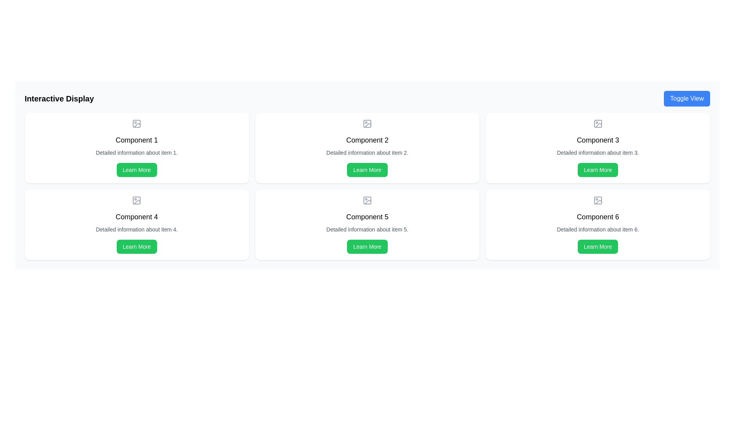 The image size is (752, 423). Describe the element at coordinates (597, 152) in the screenshot. I see `the text label reading 'Detailed information about item 3.' which is centered within the card labeled 'Component 3'` at that location.